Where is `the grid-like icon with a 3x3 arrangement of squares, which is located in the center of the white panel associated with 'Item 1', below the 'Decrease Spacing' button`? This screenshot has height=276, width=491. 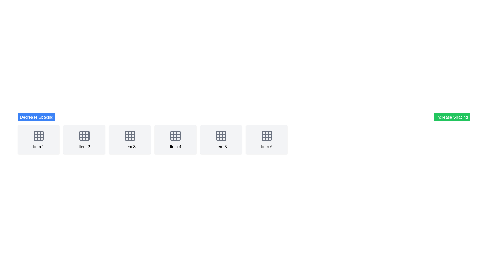
the grid-like icon with a 3x3 arrangement of squares, which is located in the center of the white panel associated with 'Item 1', below the 'Decrease Spacing' button is located at coordinates (38, 135).